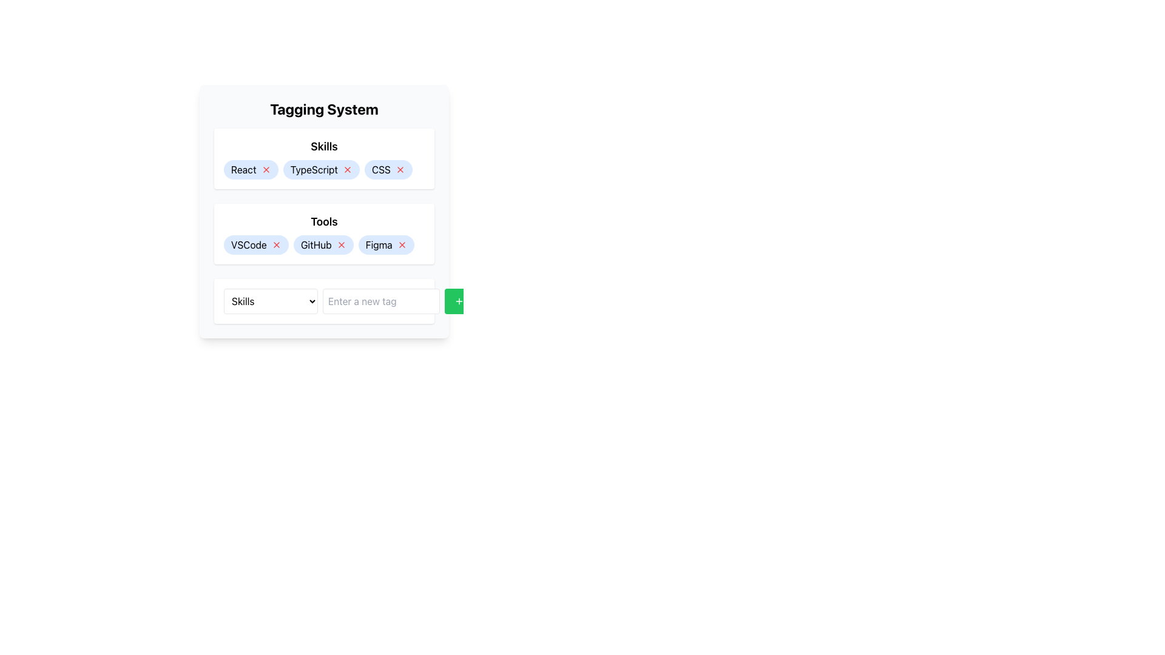 Image resolution: width=1165 pixels, height=655 pixels. I want to click on the red close icon button within the blue oval tag labeled 'React', so click(265, 170).